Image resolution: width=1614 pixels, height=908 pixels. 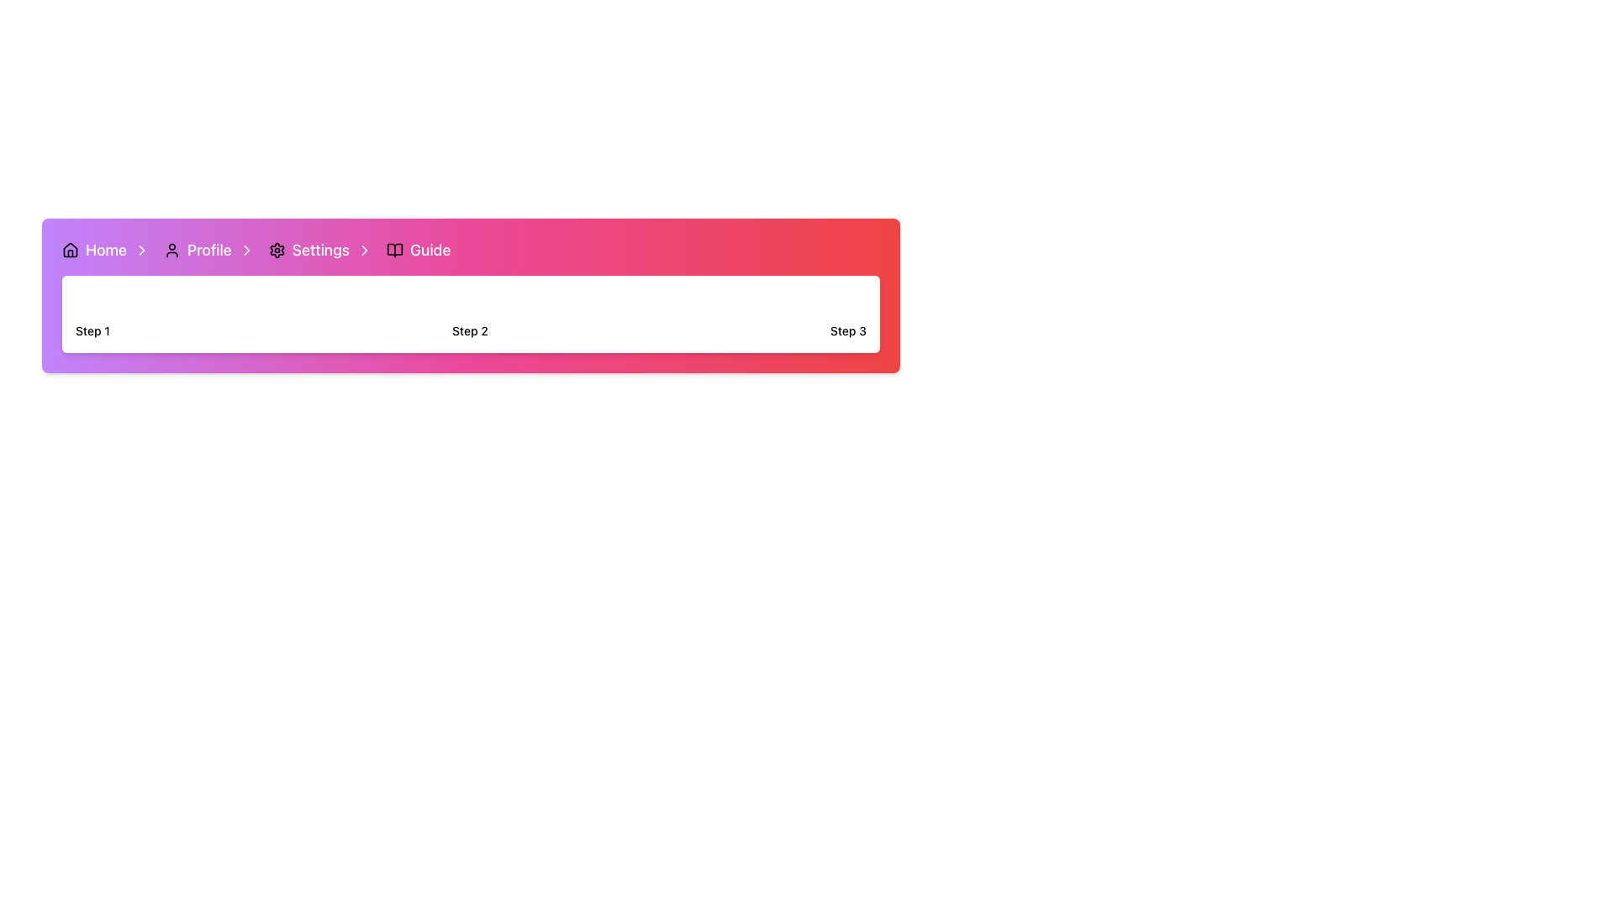 I want to click on the Home navigation link located in the horizontal navigation bar at the top of the interface, so click(x=105, y=250).